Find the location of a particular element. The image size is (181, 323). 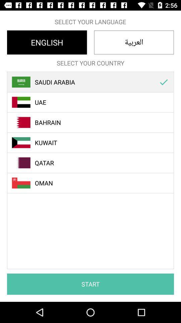

the bahrain item is located at coordinates (94, 122).